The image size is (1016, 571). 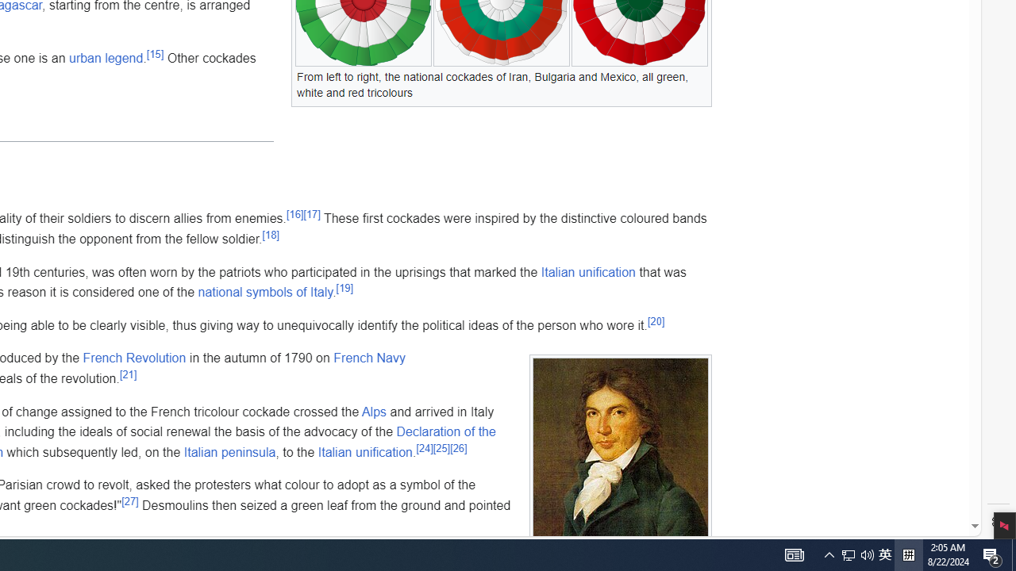 I want to click on '[19]', so click(x=343, y=287).